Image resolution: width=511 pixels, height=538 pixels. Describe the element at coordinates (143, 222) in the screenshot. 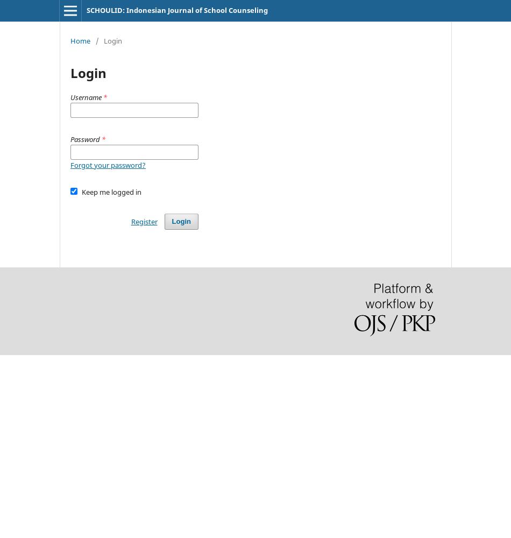

I see `'Register'` at that location.